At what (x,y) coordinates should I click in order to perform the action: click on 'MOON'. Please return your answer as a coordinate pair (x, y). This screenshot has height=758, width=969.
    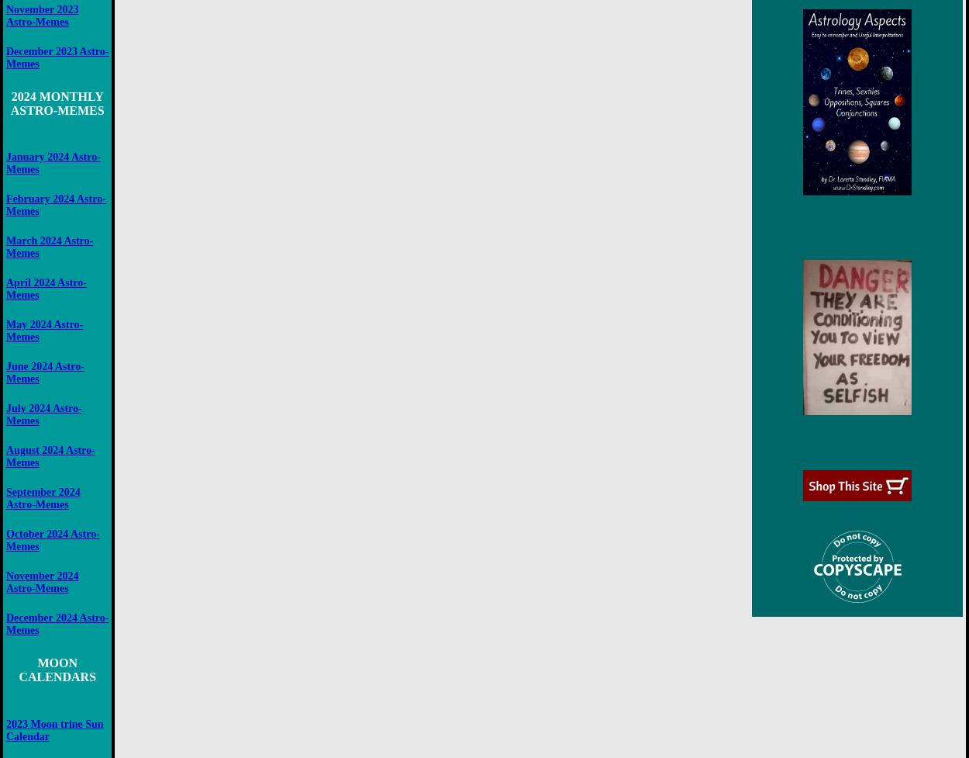
    Looking at the image, I should click on (57, 662).